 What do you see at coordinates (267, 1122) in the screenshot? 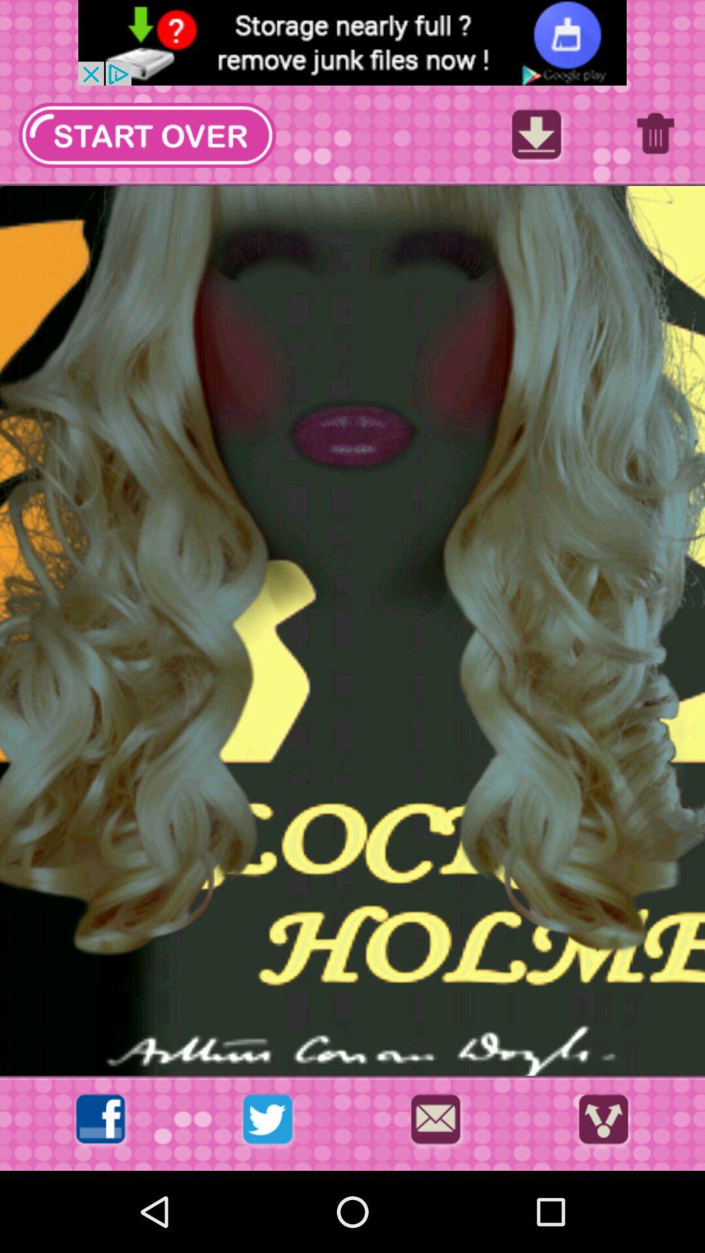
I see `share with twitter` at bounding box center [267, 1122].